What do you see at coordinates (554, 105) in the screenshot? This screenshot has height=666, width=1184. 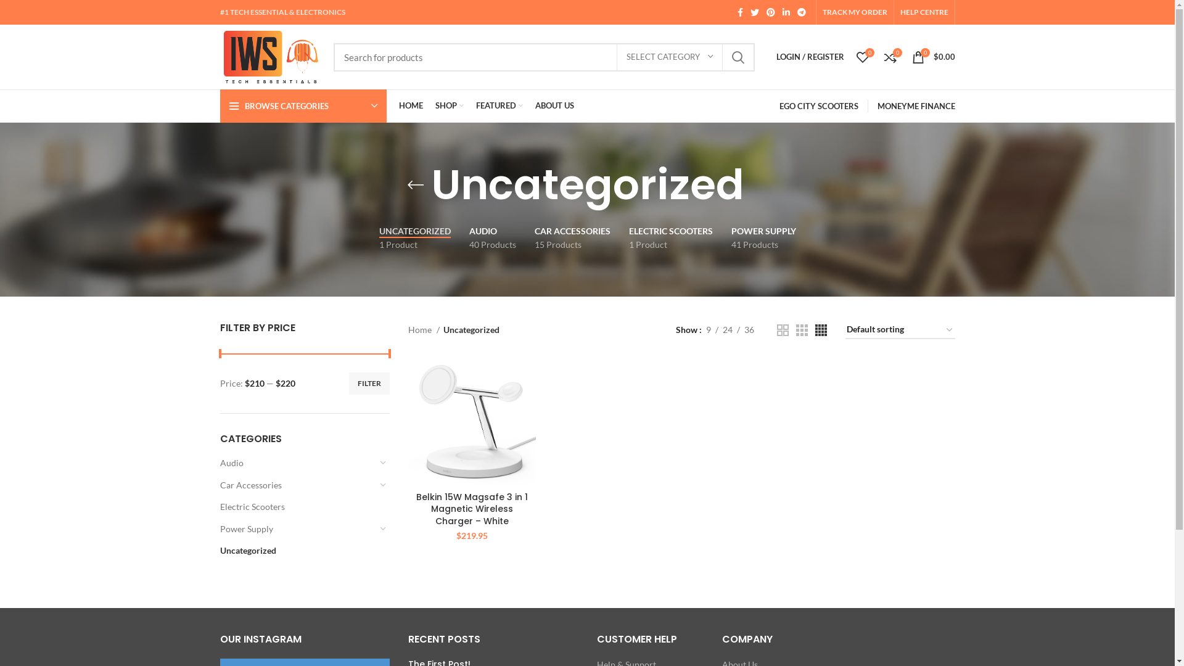 I see `'ABOUT US'` at bounding box center [554, 105].